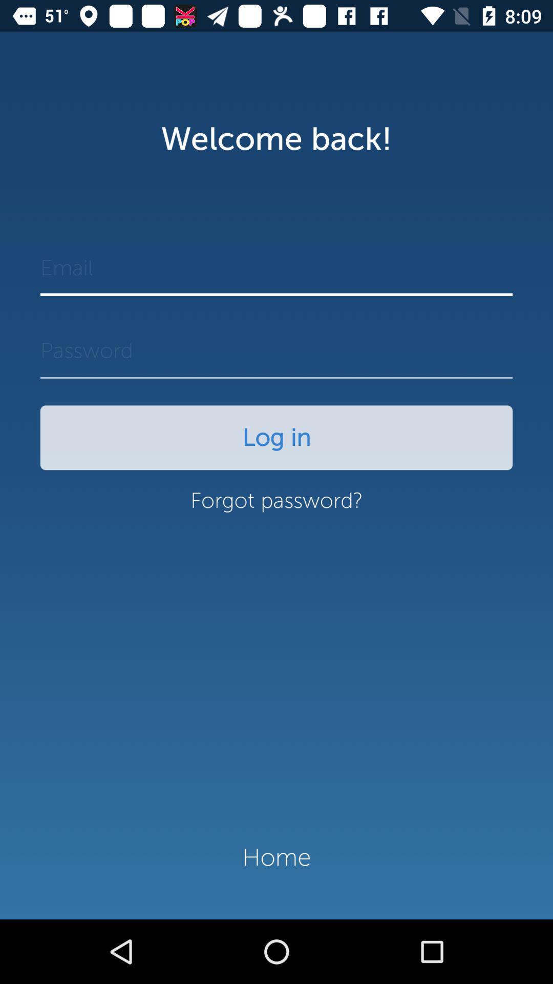 This screenshot has height=984, width=553. I want to click on icon above home item, so click(276, 506).